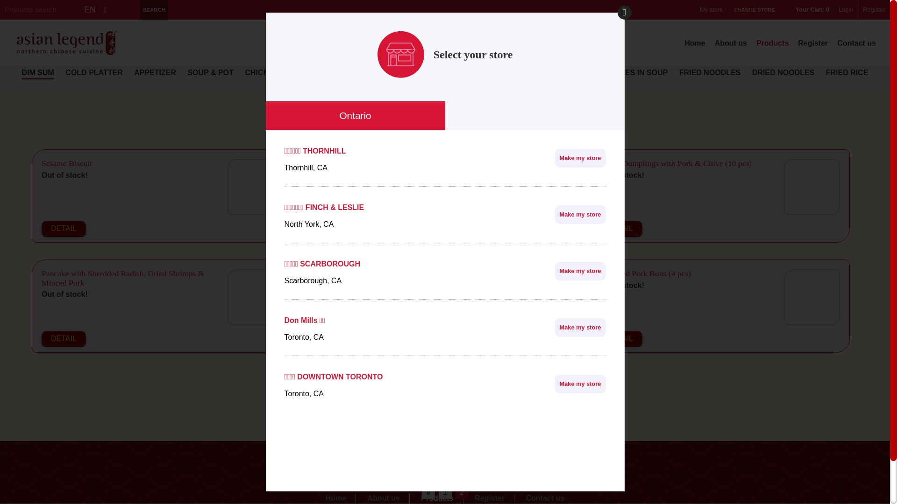  What do you see at coordinates (63, 228) in the screenshot?
I see `'DETAIL'` at bounding box center [63, 228].